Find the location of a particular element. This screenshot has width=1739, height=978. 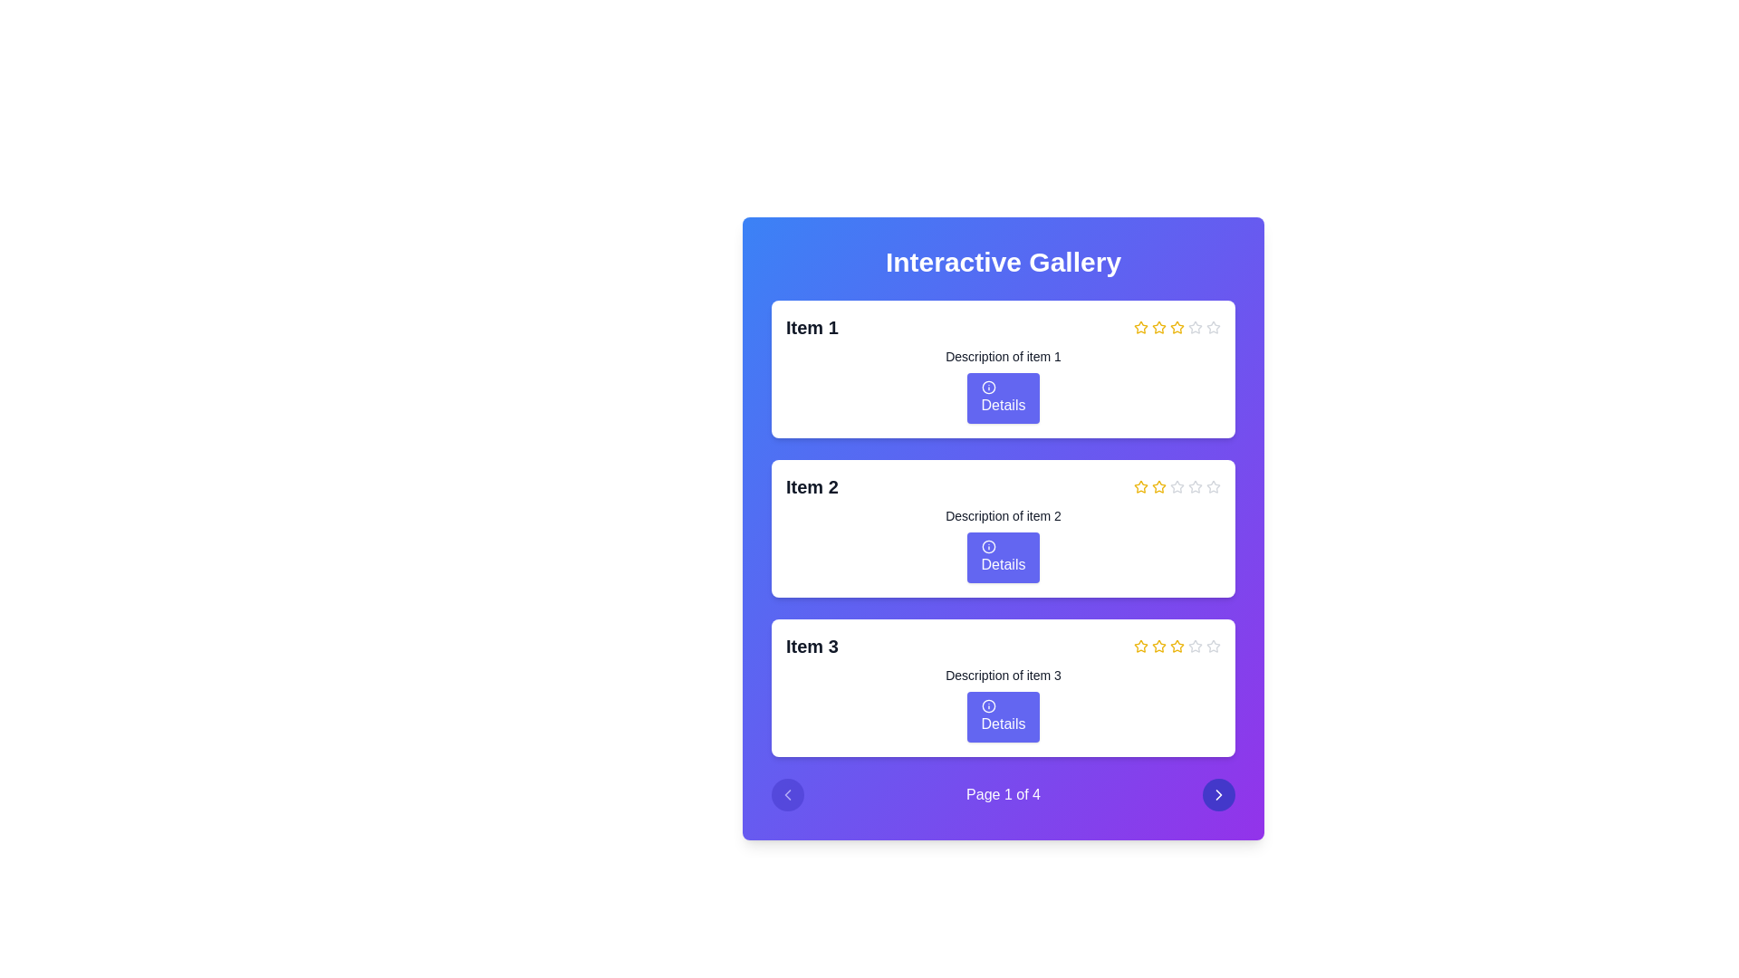

the compact circular icon located inside the 'Details' button of the third item in the list is located at coordinates (987, 705).